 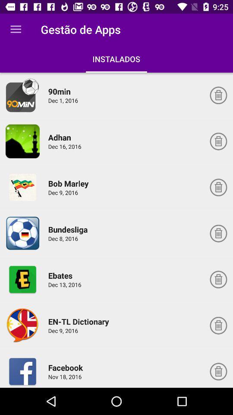 What do you see at coordinates (80, 321) in the screenshot?
I see `the en-tl dictionary item` at bounding box center [80, 321].